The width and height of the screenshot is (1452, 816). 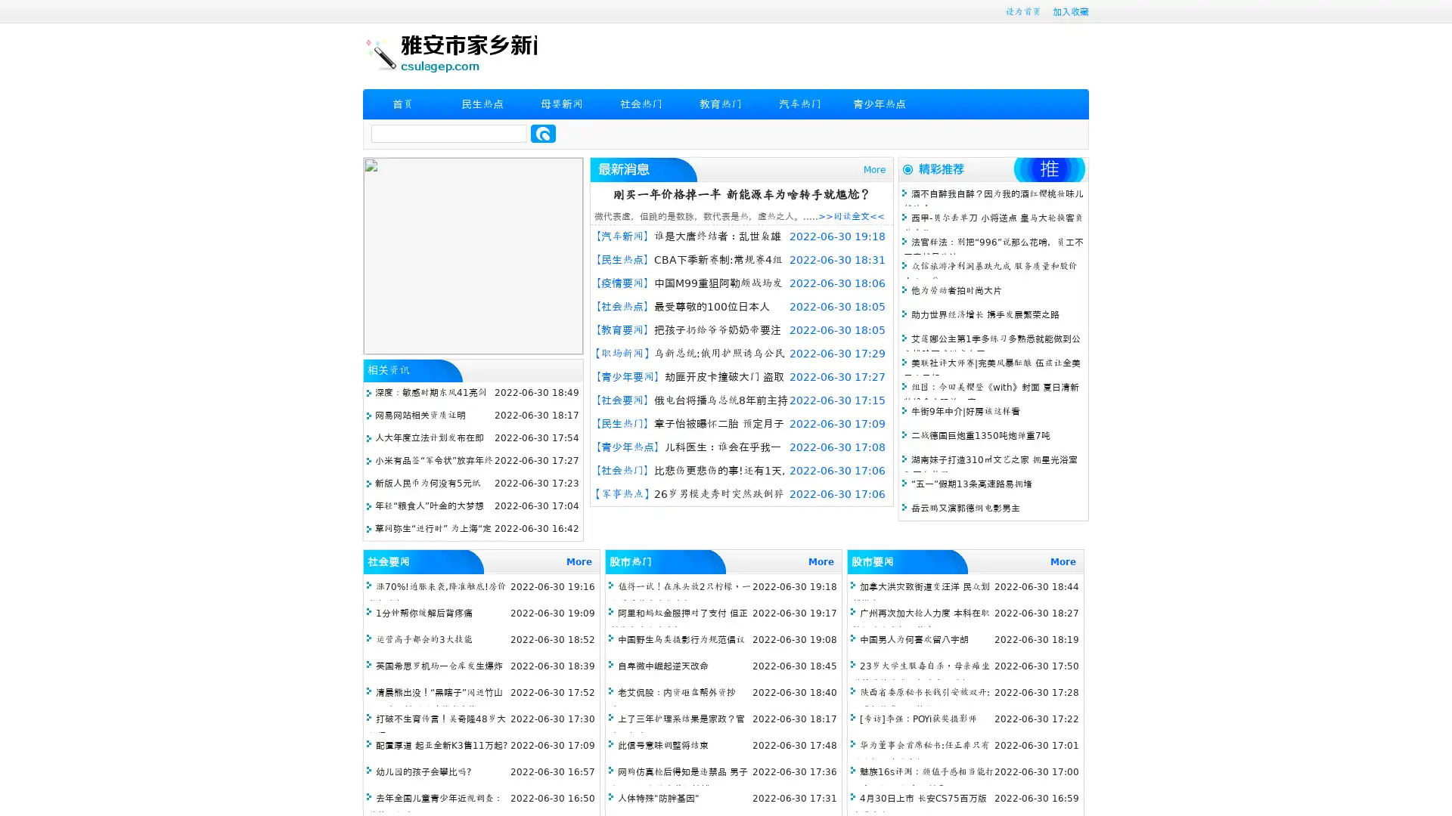 I want to click on Search, so click(x=543, y=133).